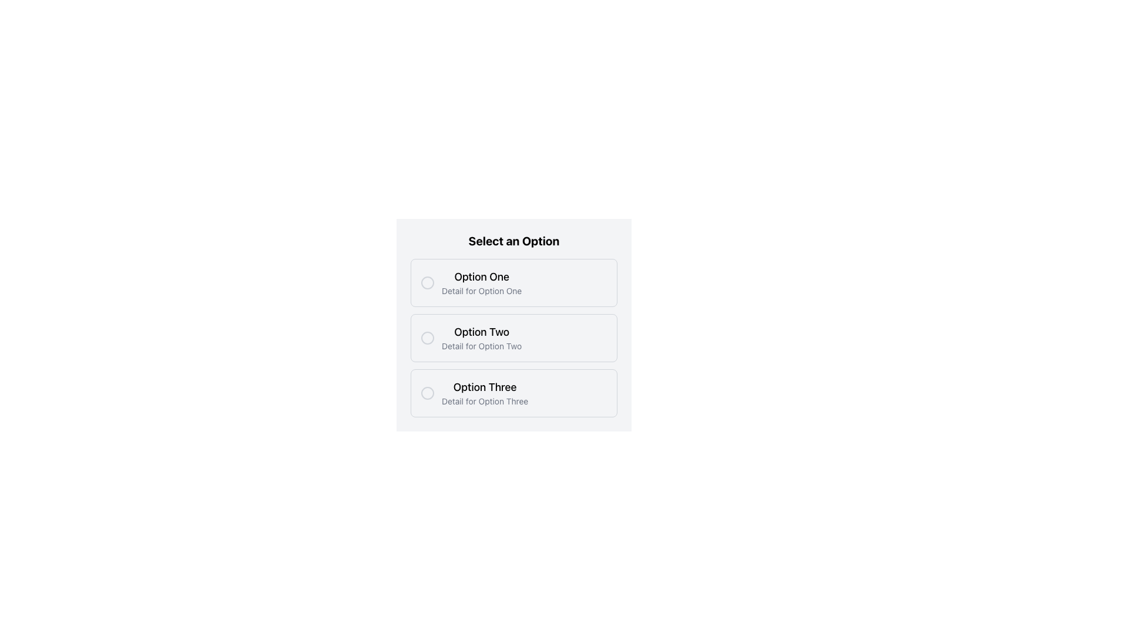  Describe the element at coordinates (427, 283) in the screenshot. I see `the first radio button for 'Option One'` at that location.